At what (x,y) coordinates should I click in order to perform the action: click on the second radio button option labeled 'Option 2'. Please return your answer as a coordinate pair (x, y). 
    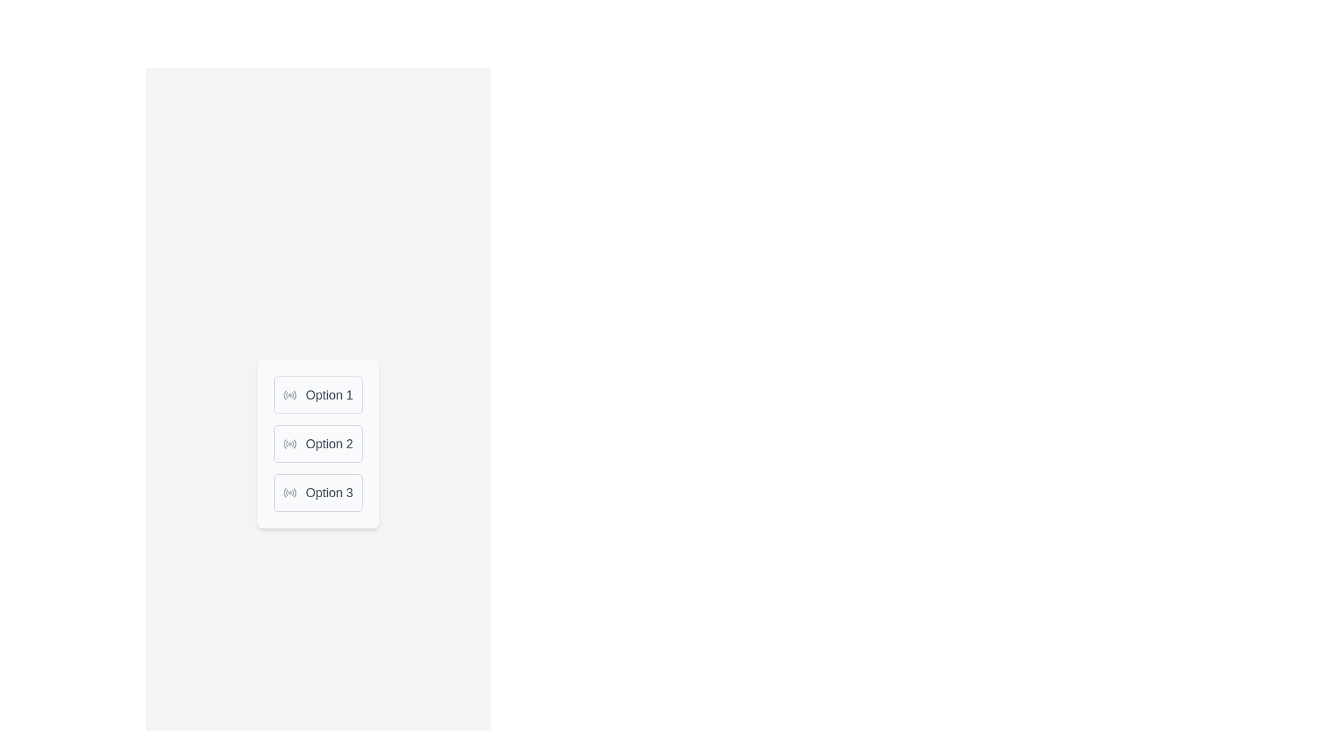
    Looking at the image, I should click on (317, 443).